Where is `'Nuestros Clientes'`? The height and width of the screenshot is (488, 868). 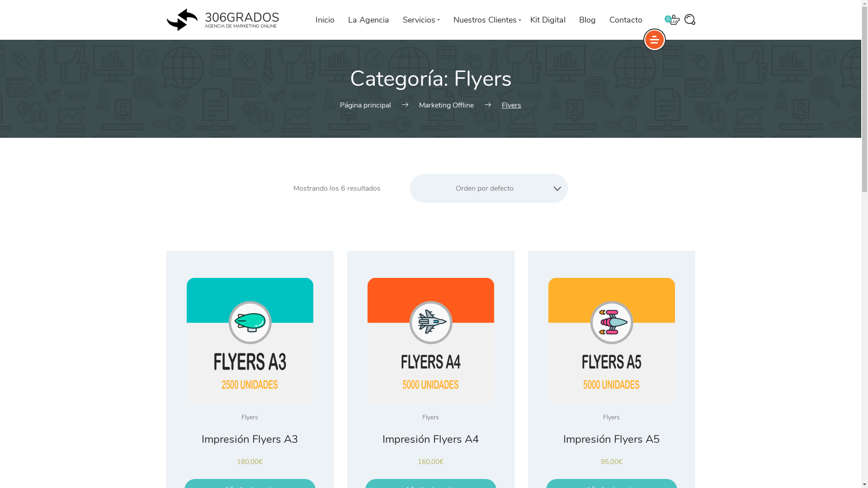
'Nuestros Clientes' is located at coordinates (484, 19).